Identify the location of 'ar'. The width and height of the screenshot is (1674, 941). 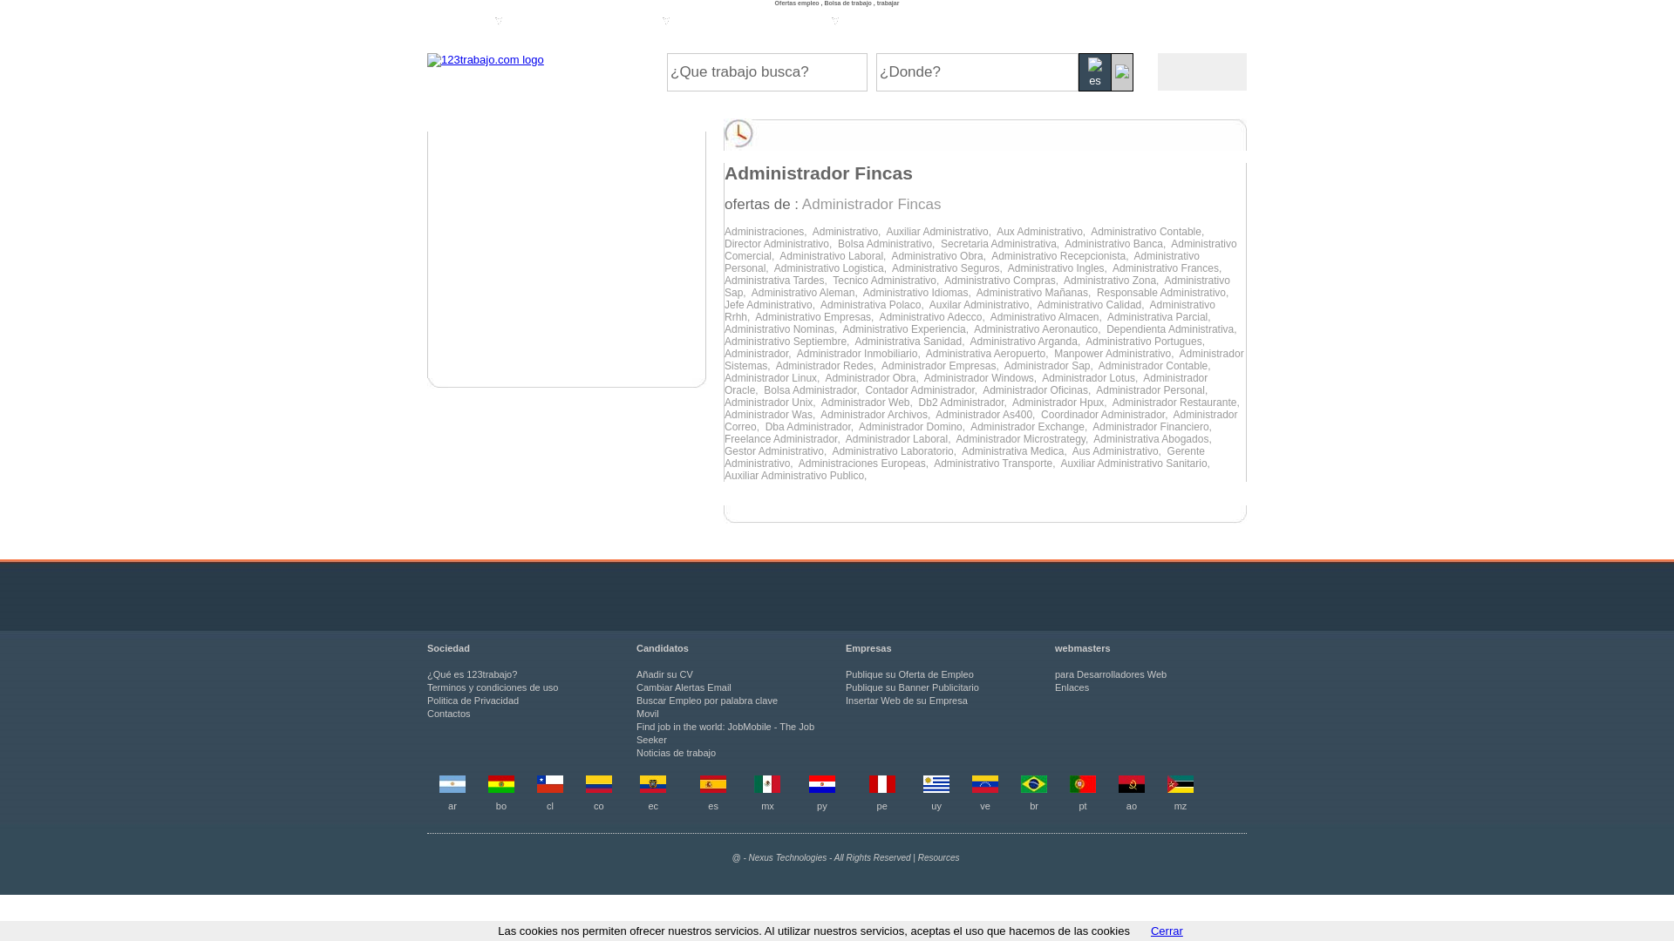
(452, 806).